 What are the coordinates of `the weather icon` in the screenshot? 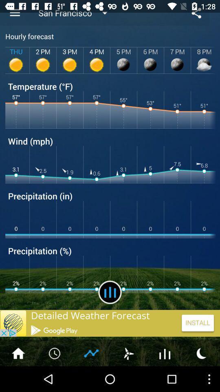 It's located at (201, 378).